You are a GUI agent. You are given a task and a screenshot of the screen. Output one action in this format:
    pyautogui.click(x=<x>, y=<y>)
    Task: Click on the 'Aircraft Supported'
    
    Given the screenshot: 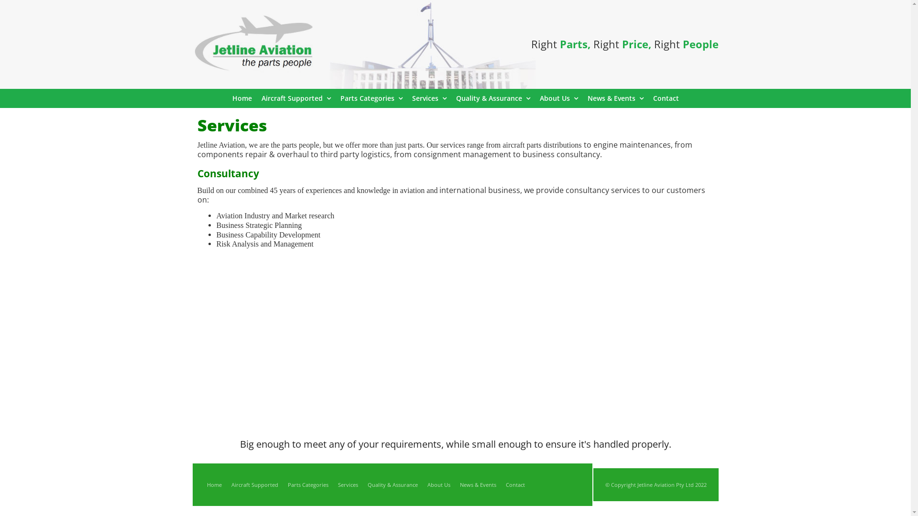 What is the action you would take?
    pyautogui.click(x=295, y=98)
    